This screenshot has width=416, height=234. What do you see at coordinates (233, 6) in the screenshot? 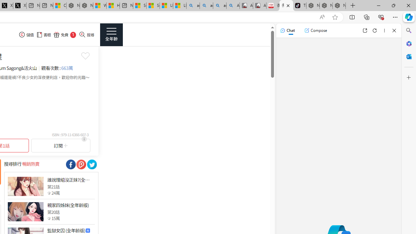
I see `'Amazon Echo Robot - Search Images'` at bounding box center [233, 6].